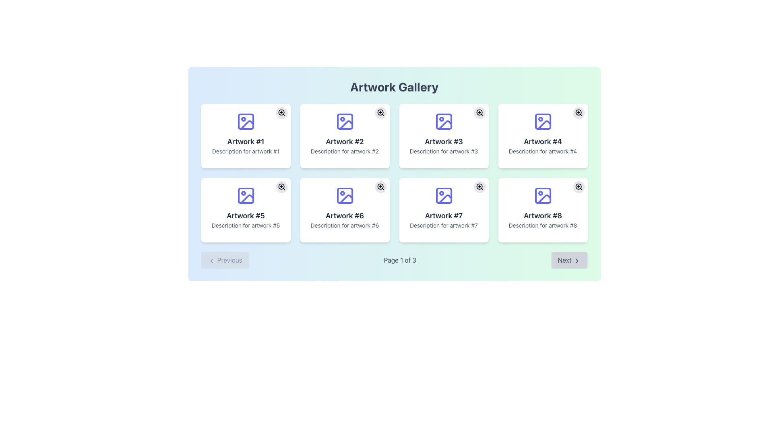 Image resolution: width=773 pixels, height=435 pixels. I want to click on the rectangular background of the image icon representing 'Artwork #7' located in the bottom row, second from the right of the artwork gallery grid, so click(443, 196).